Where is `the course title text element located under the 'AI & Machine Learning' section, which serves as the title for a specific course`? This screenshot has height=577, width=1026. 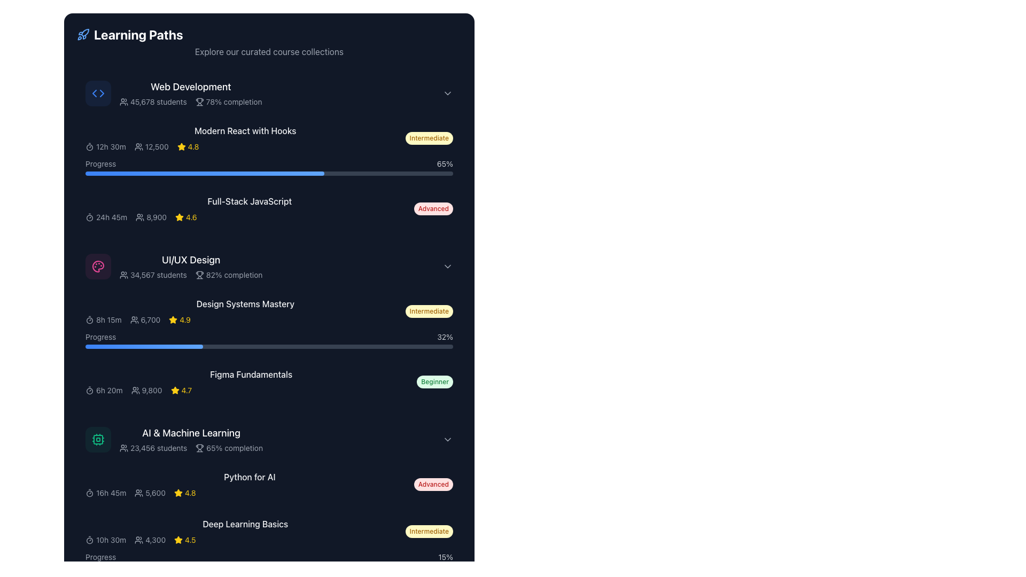
the course title text element located under the 'AI & Machine Learning' section, which serves as the title for a specific course is located at coordinates (249, 477).